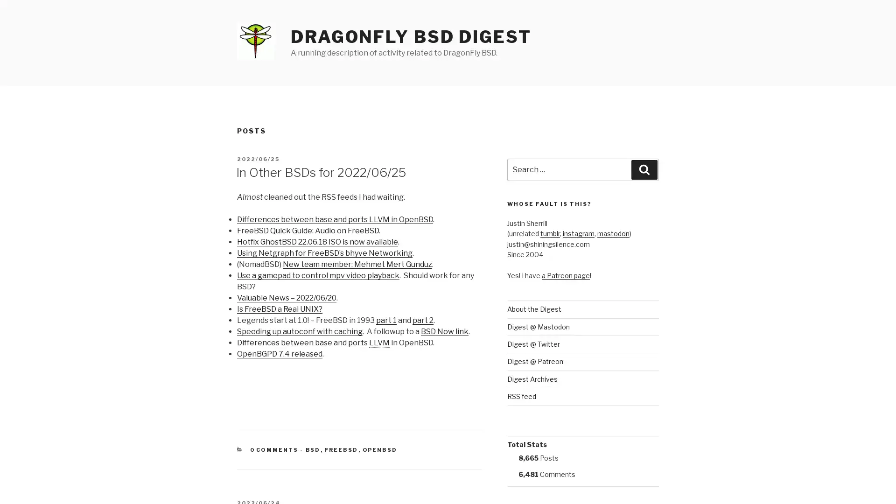  Describe the element at coordinates (644, 169) in the screenshot. I see `Search` at that location.